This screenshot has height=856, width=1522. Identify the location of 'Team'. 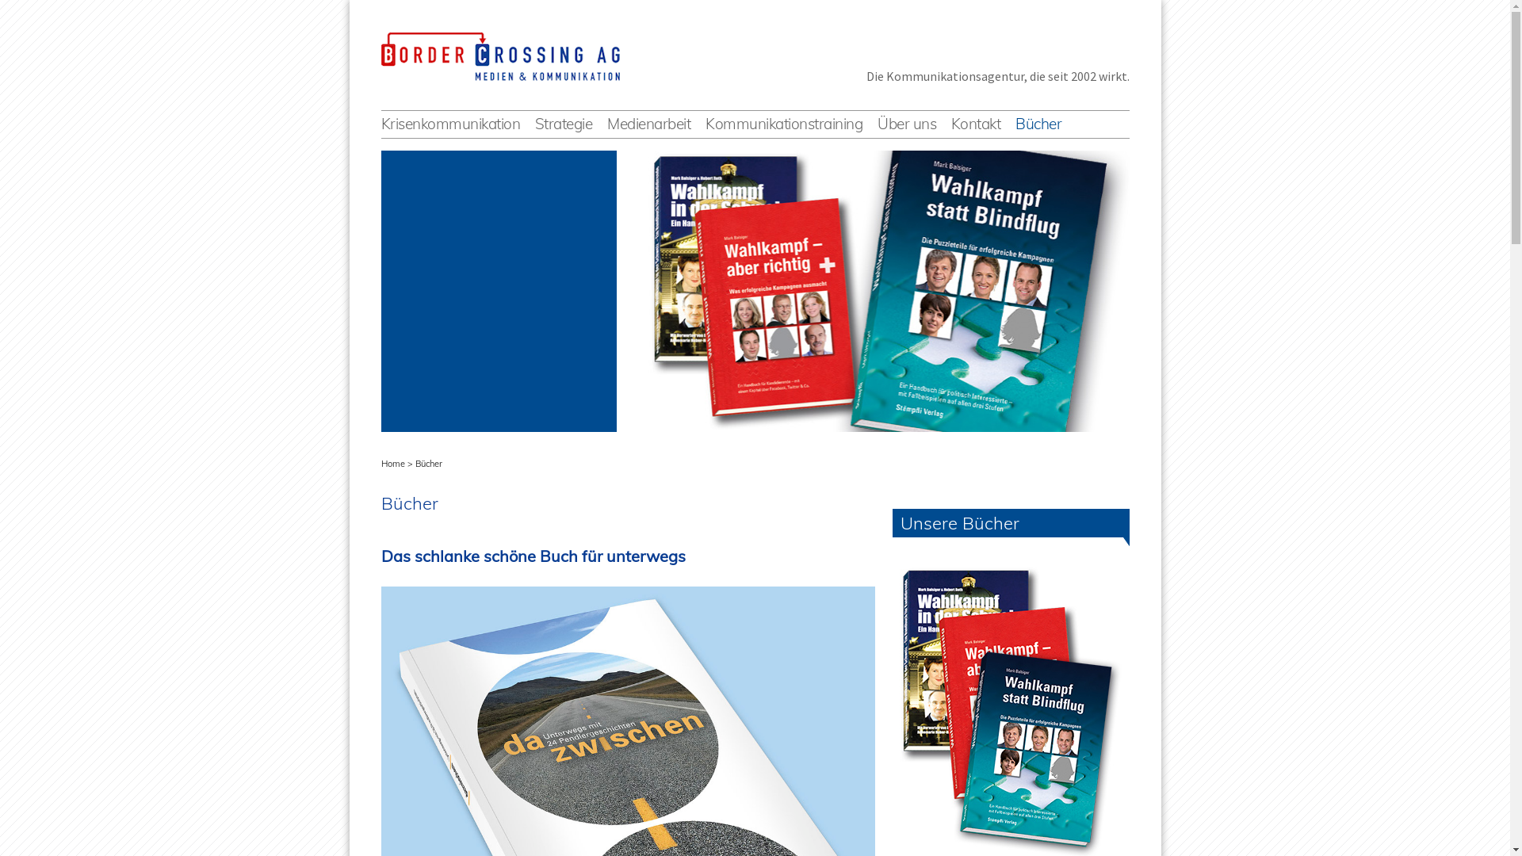
(955, 138).